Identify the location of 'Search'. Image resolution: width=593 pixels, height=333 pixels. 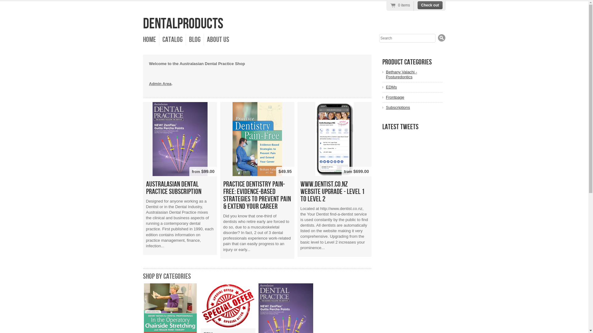
(441, 38).